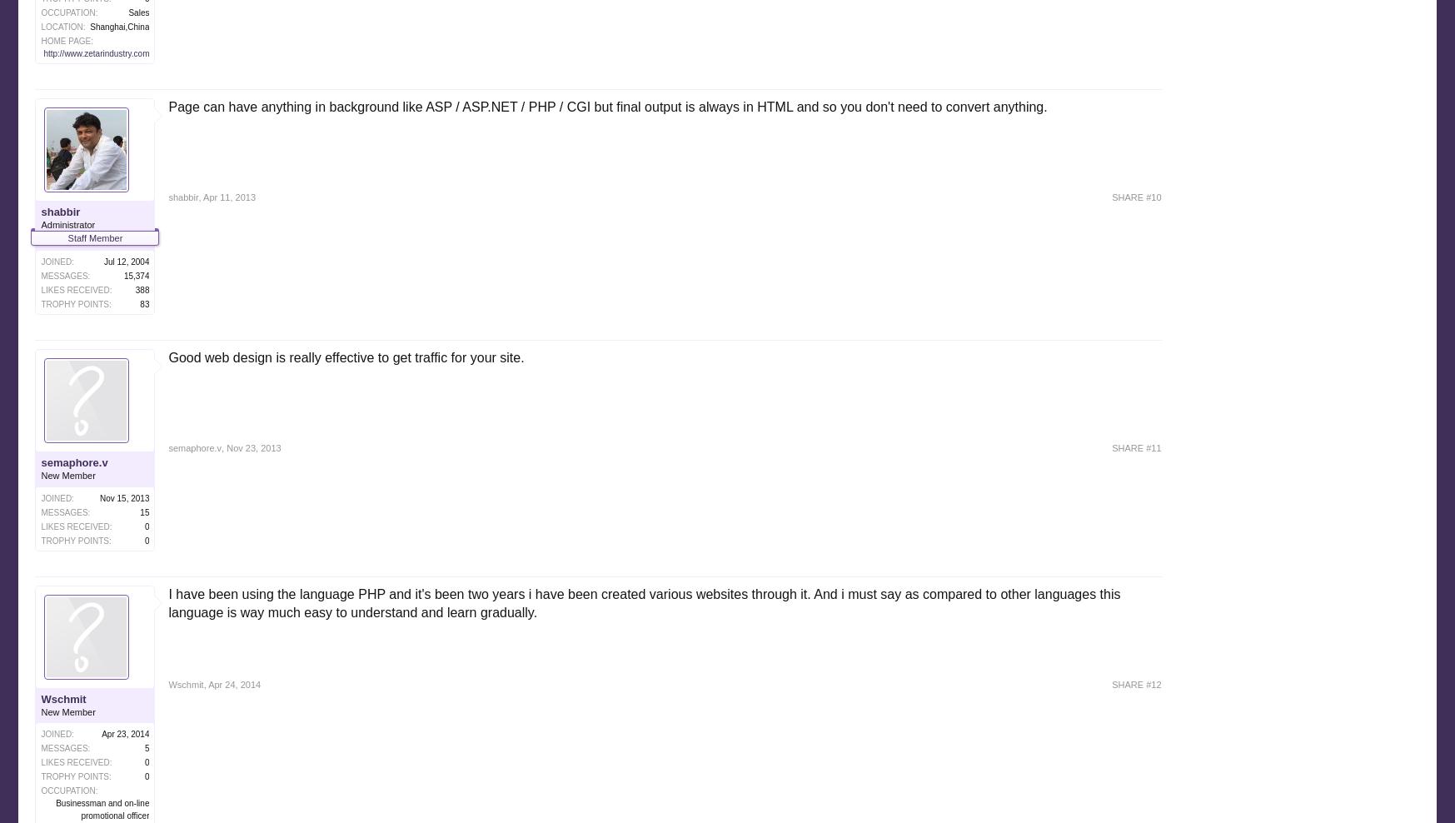 The width and height of the screenshot is (1455, 823). I want to click on 'SHARE #12', so click(1136, 684).